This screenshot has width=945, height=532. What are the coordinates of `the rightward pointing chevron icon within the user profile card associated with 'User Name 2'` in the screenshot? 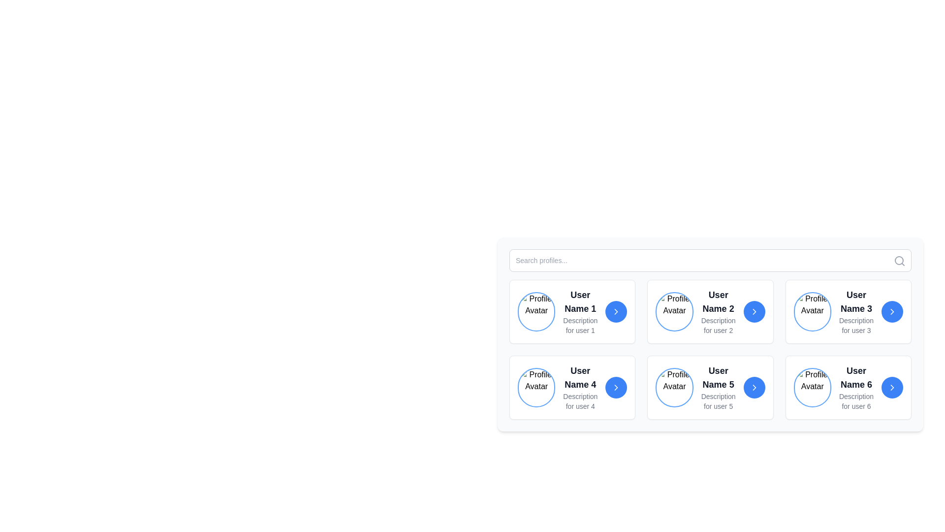 It's located at (754, 311).